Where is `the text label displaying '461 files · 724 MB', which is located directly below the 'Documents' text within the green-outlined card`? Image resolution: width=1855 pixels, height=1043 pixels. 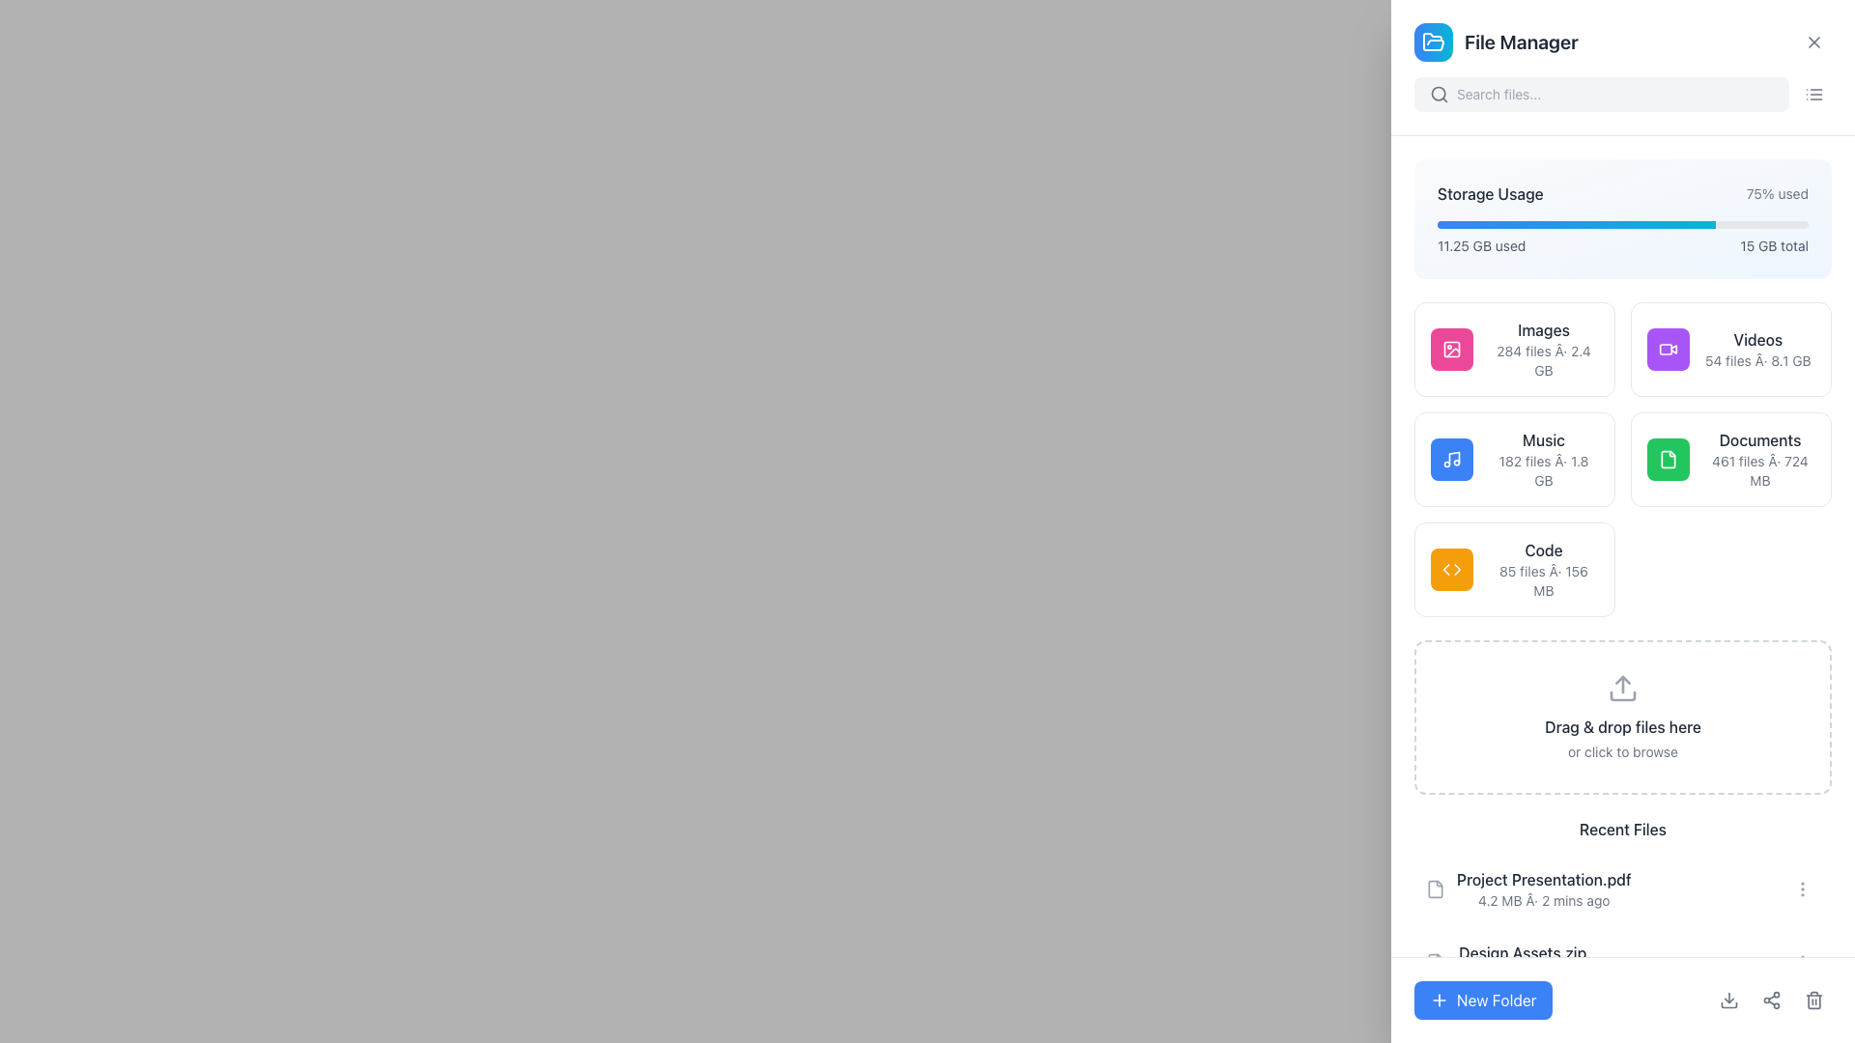 the text label displaying '461 files · 724 MB', which is located directly below the 'Documents' text within the green-outlined card is located at coordinates (1760, 471).